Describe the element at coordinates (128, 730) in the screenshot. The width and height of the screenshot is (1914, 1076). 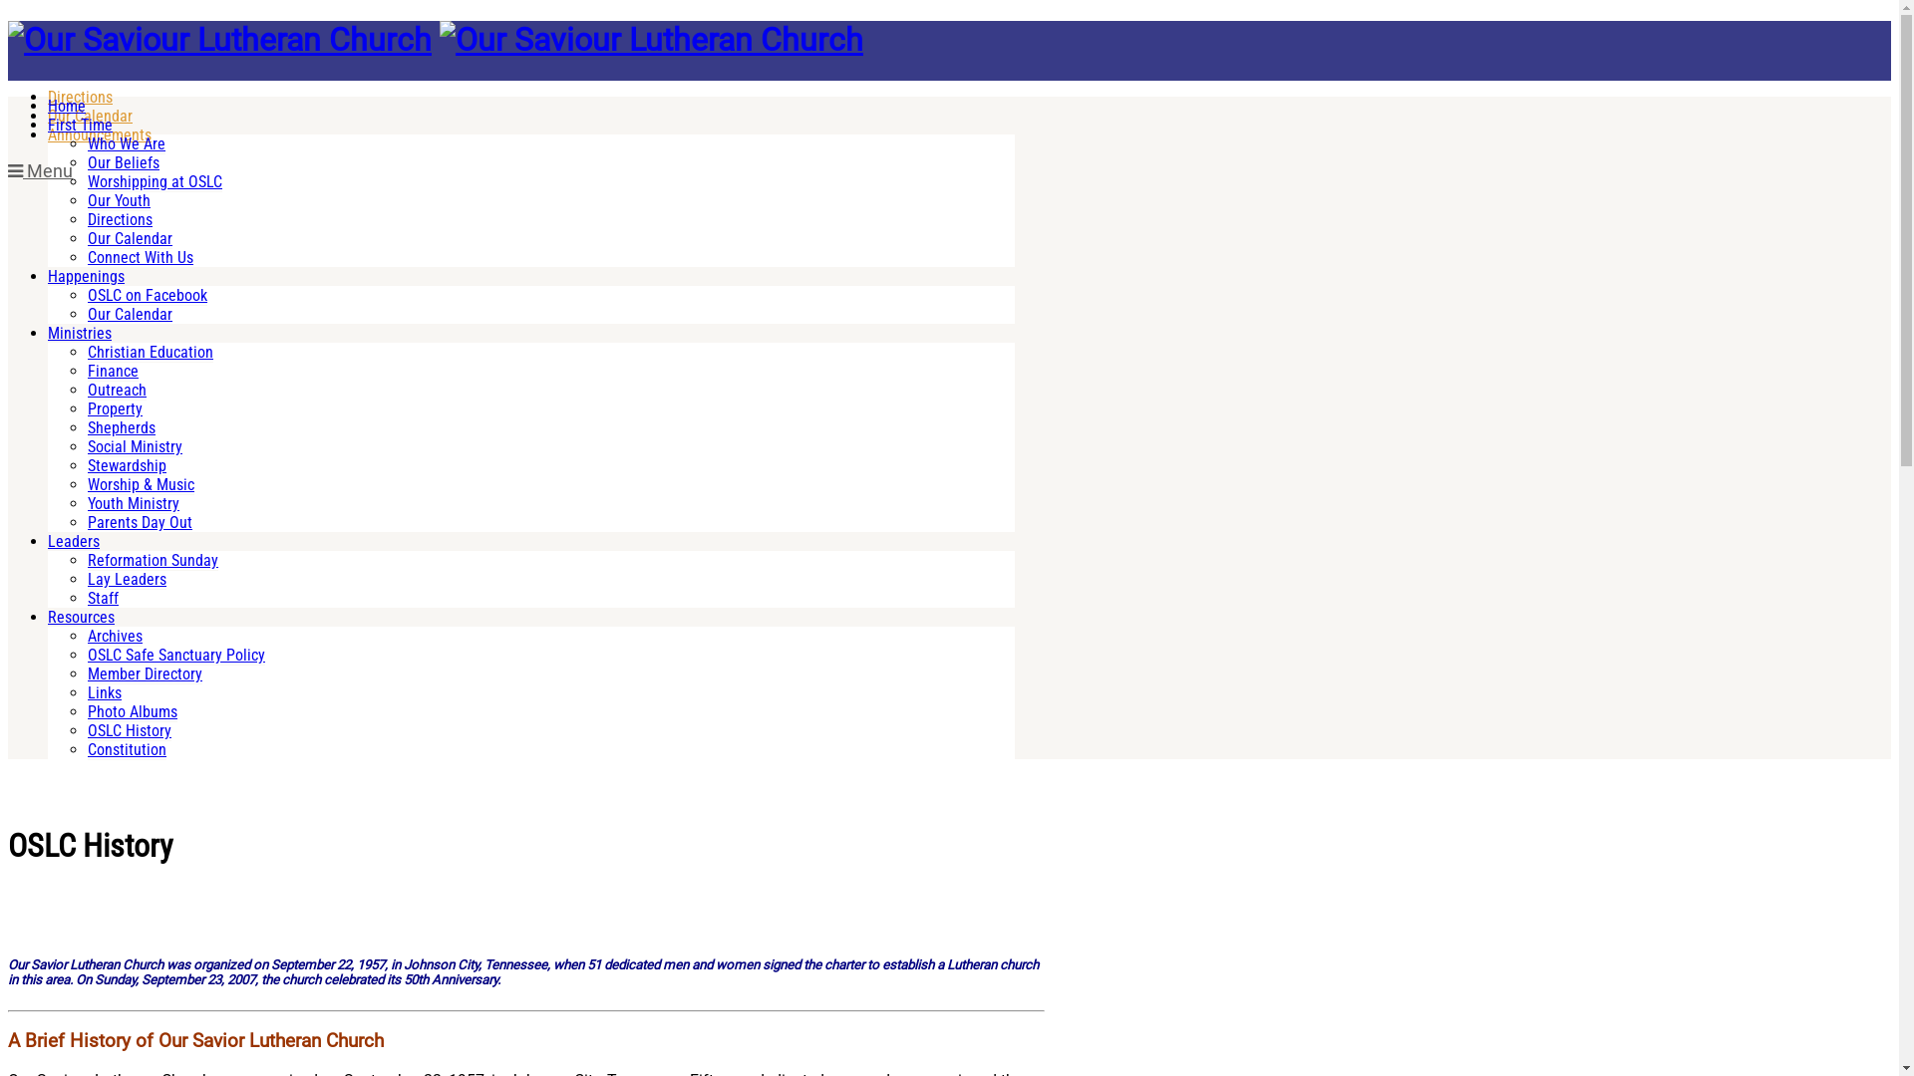
I see `'OSLC History'` at that location.